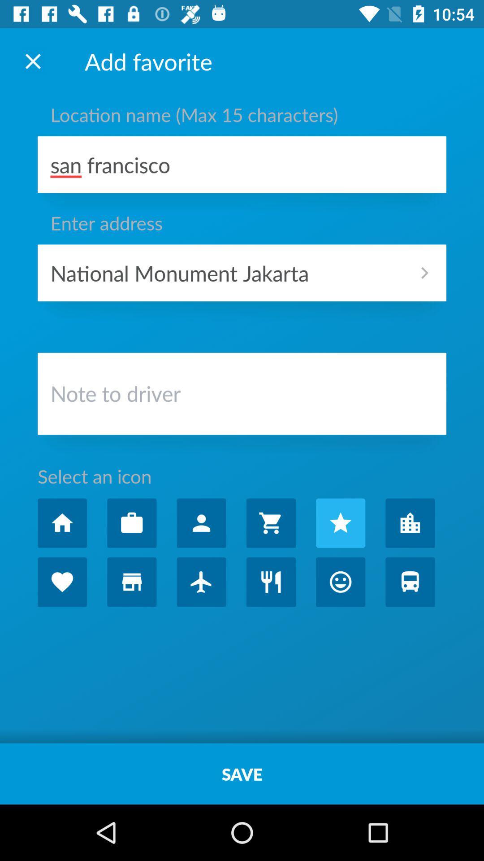  I want to click on open plane icon, so click(201, 582).